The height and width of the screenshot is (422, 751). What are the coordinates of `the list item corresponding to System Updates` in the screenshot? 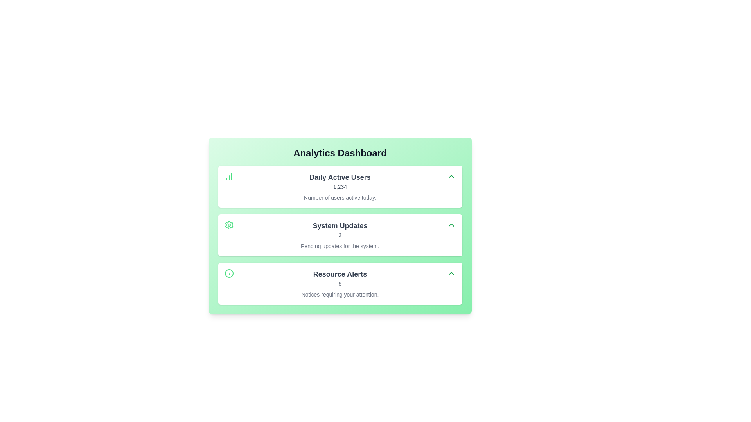 It's located at (340, 234).